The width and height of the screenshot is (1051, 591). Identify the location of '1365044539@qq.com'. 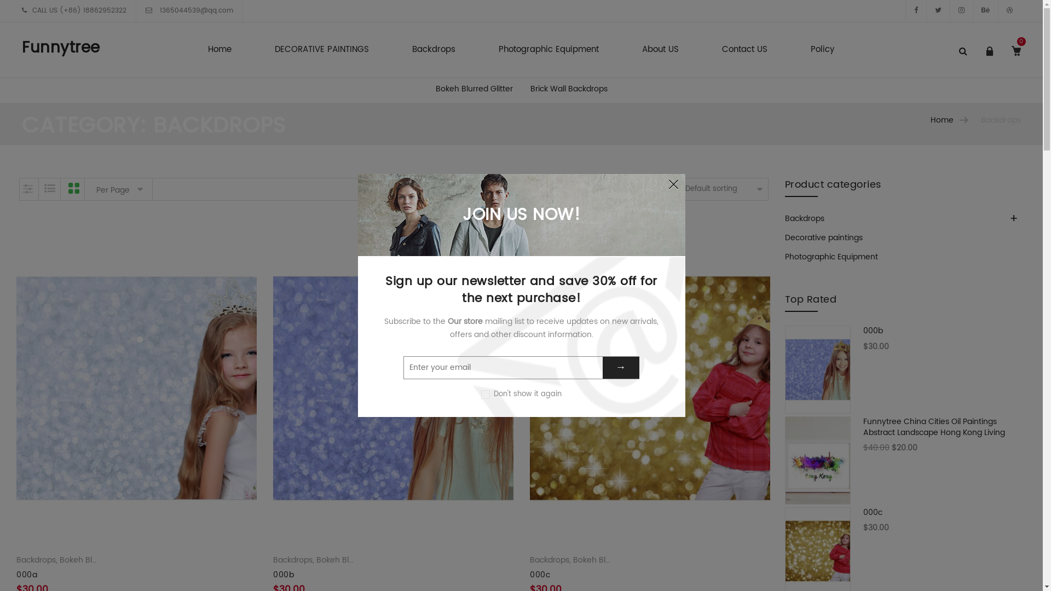
(195, 10).